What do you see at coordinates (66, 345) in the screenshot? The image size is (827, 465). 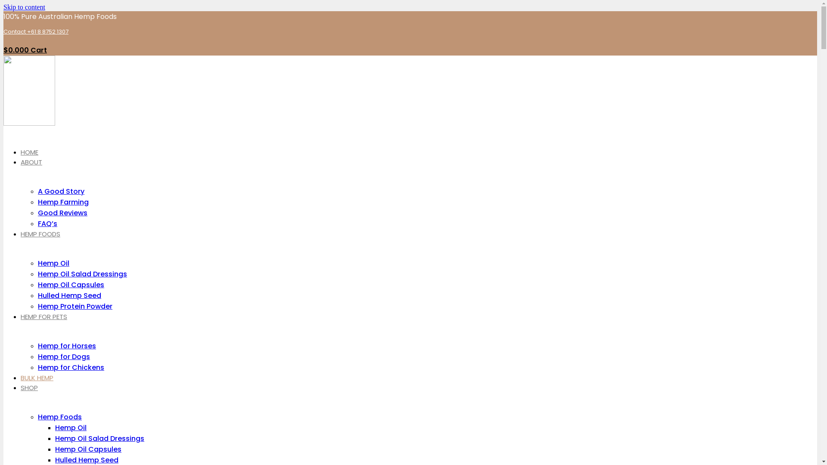 I see `'Hemp for Horses'` at bounding box center [66, 345].